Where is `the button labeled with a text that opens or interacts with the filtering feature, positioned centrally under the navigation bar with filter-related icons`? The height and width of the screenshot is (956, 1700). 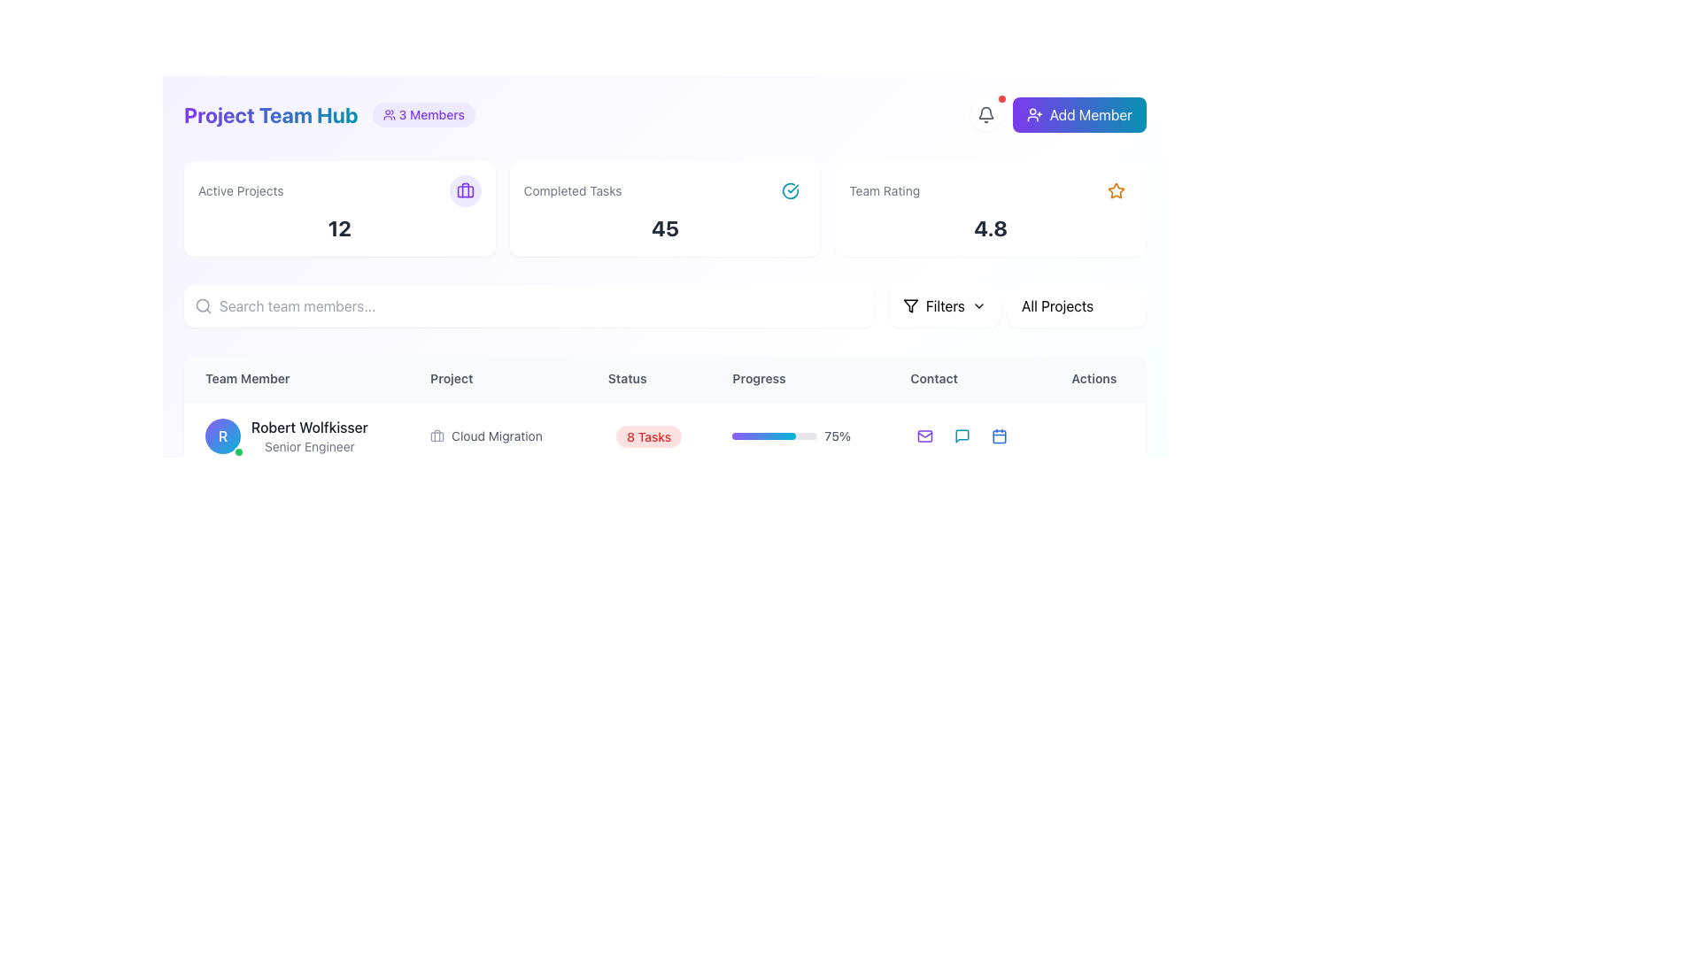
the button labeled with a text that opens or interacts with the filtering feature, positioned centrally under the navigation bar with filter-related icons is located at coordinates (944, 305).